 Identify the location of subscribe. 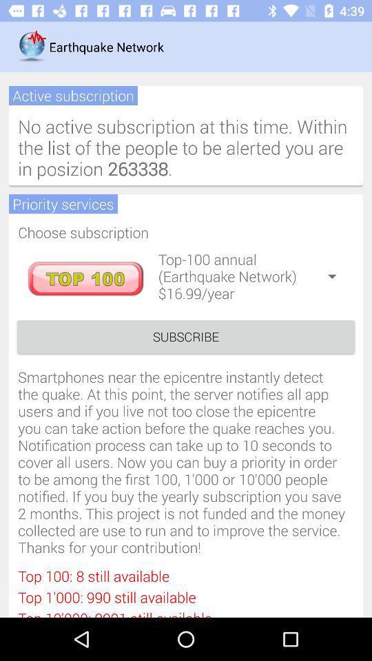
(186, 336).